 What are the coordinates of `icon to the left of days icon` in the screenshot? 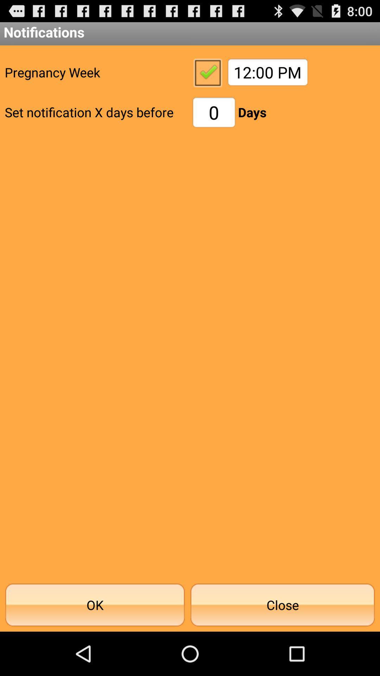 It's located at (214, 112).